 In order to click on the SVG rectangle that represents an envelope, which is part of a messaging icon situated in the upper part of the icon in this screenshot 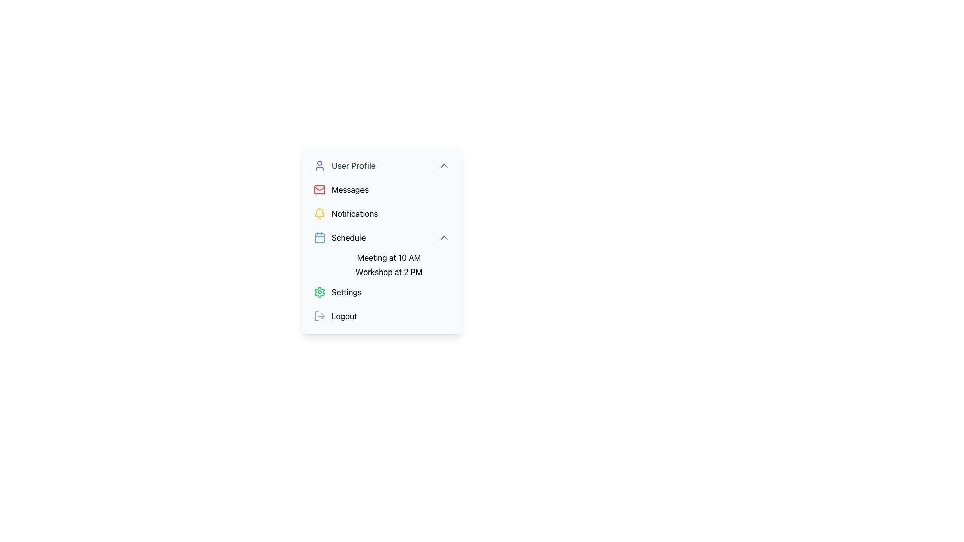, I will do `click(319, 190)`.